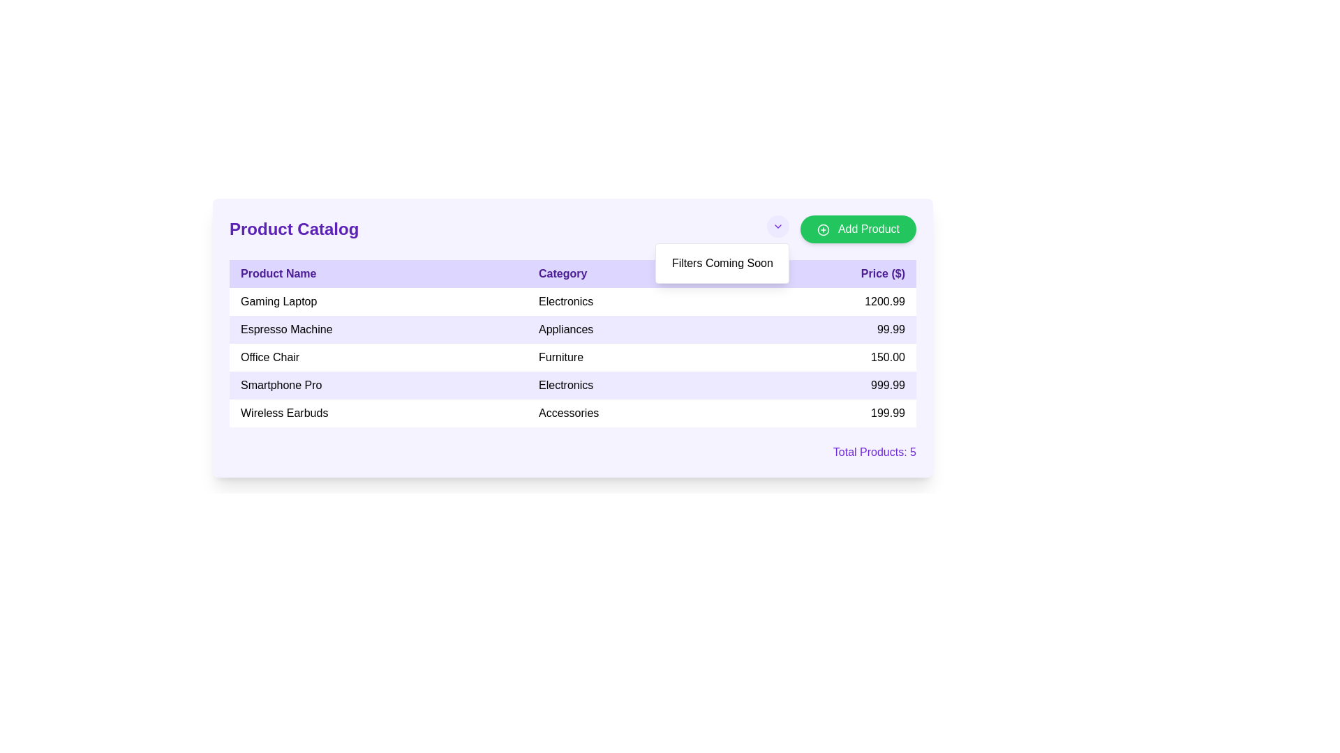 The height and width of the screenshot is (753, 1340). I want to click on the second row in the product list table containing 'Espresso Machine', so click(572, 330).